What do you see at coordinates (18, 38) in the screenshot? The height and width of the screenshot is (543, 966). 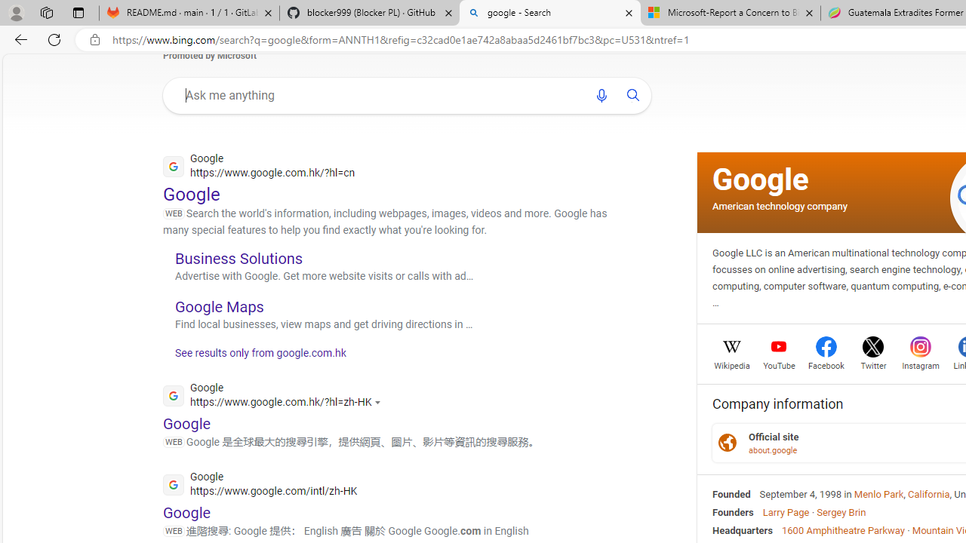 I see `'Back'` at bounding box center [18, 38].